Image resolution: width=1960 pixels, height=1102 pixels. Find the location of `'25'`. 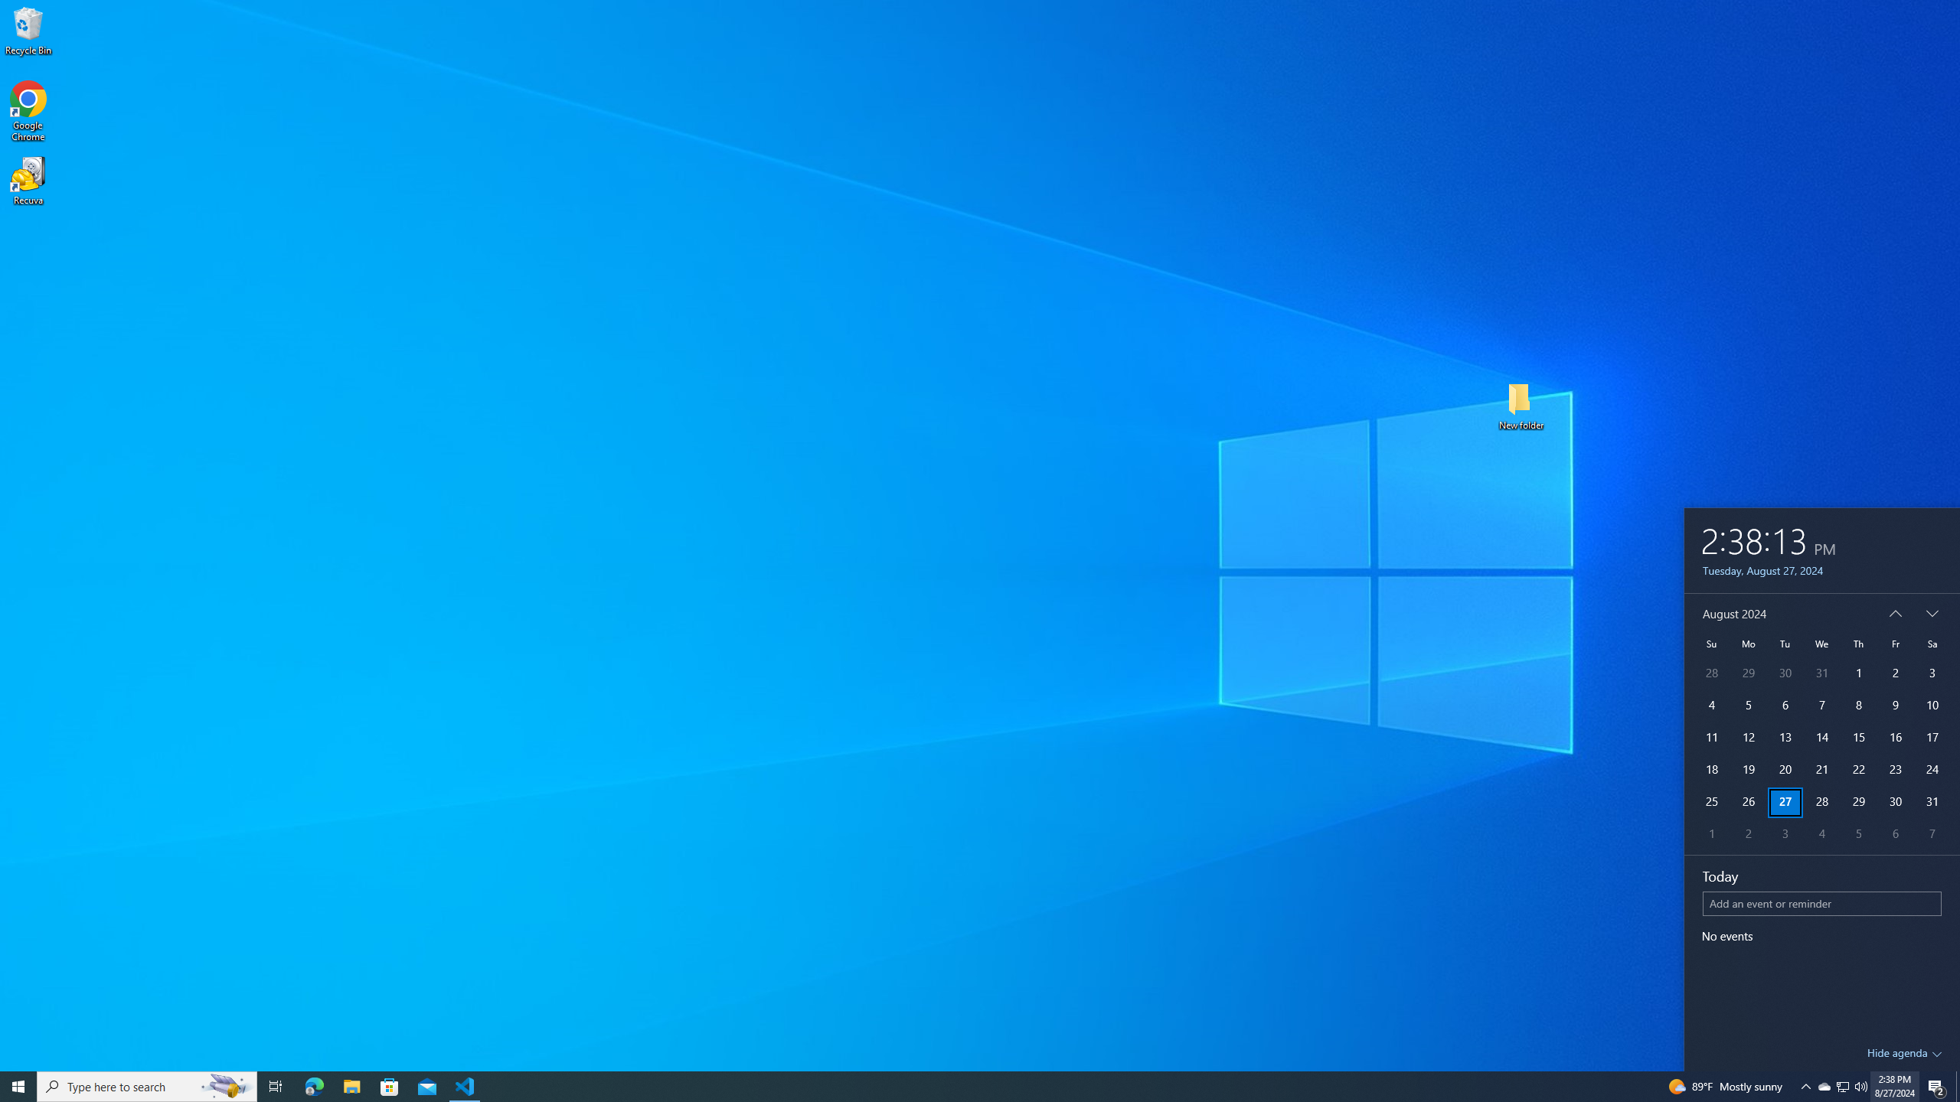

'25' is located at coordinates (1710, 803).